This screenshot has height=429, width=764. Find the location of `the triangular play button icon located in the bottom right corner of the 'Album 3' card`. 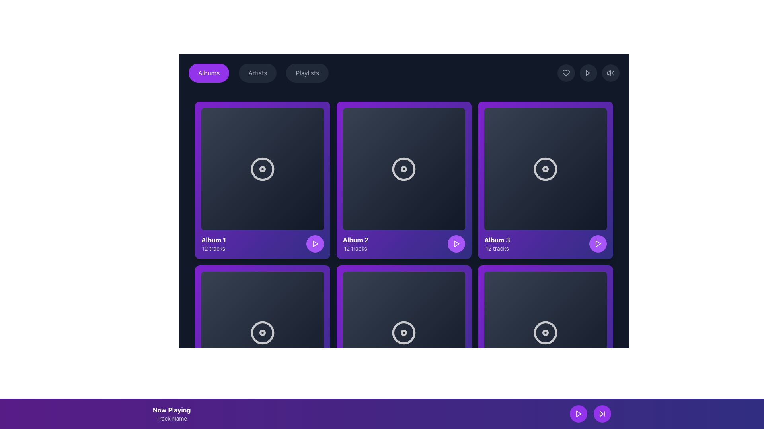

the triangular play button icon located in the bottom right corner of the 'Album 3' card is located at coordinates (456, 243).